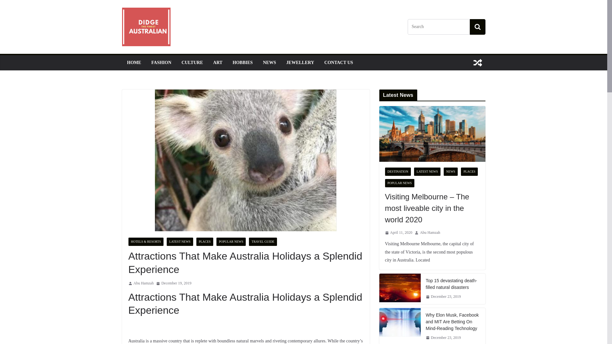 The image size is (612, 344). Describe the element at coordinates (324, 62) in the screenshot. I see `'CONTACT US'` at that location.